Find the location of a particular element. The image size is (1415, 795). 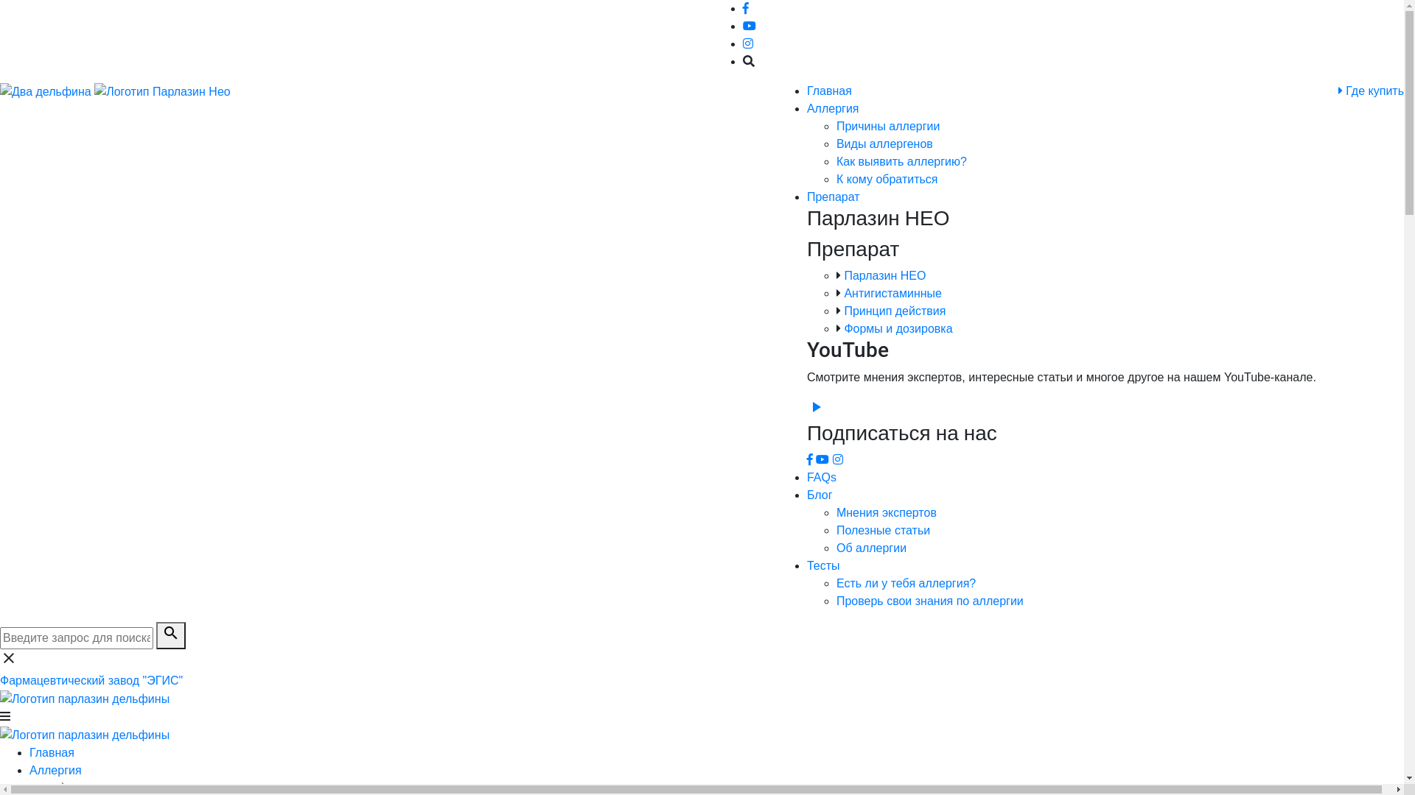

'FAQs' is located at coordinates (820, 477).